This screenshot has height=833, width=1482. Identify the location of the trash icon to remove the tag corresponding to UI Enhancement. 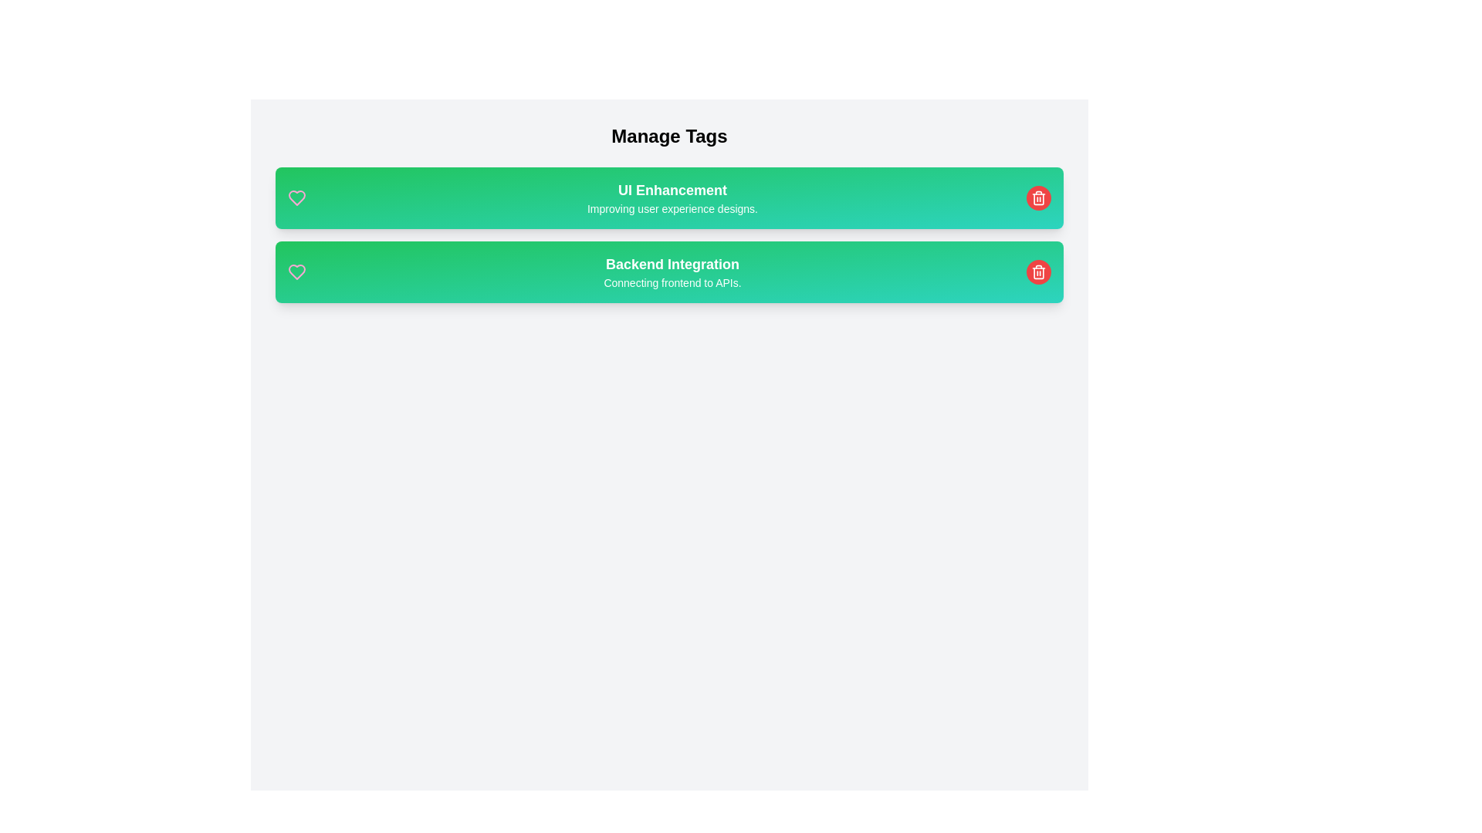
(1038, 197).